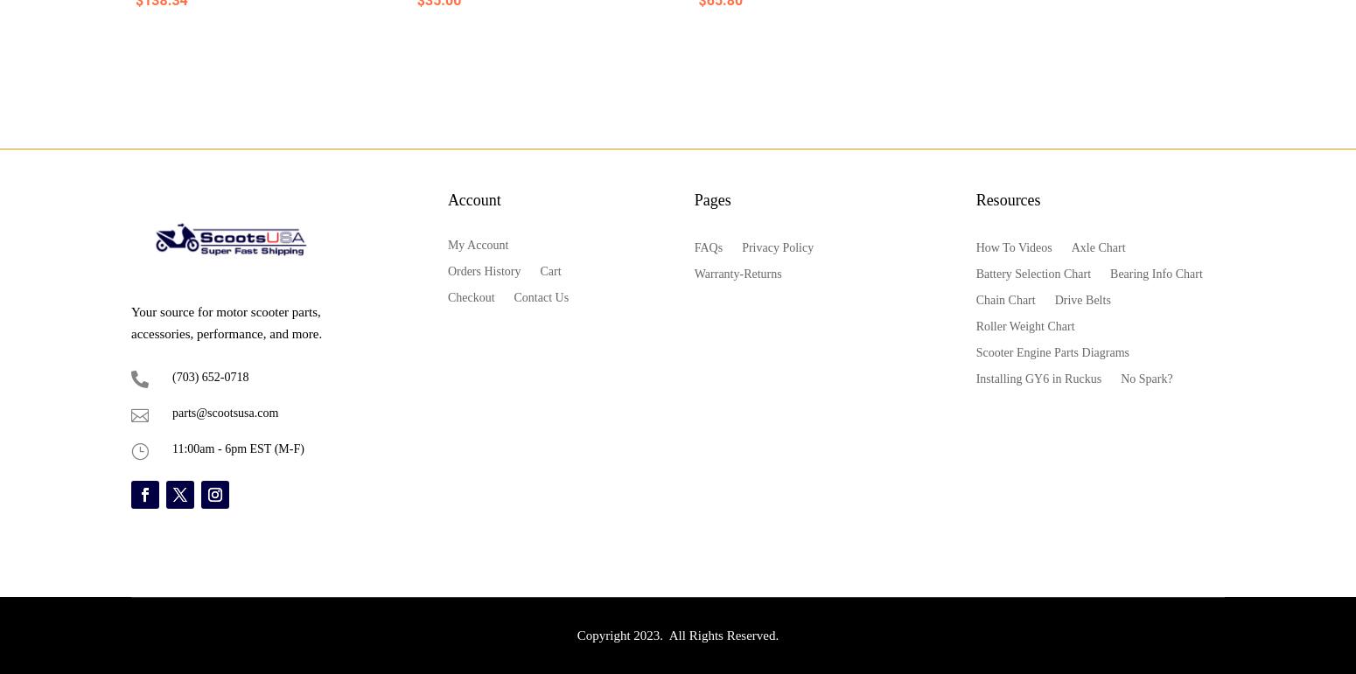 This screenshot has height=674, width=1356. I want to click on 'My Account', so click(446, 243).